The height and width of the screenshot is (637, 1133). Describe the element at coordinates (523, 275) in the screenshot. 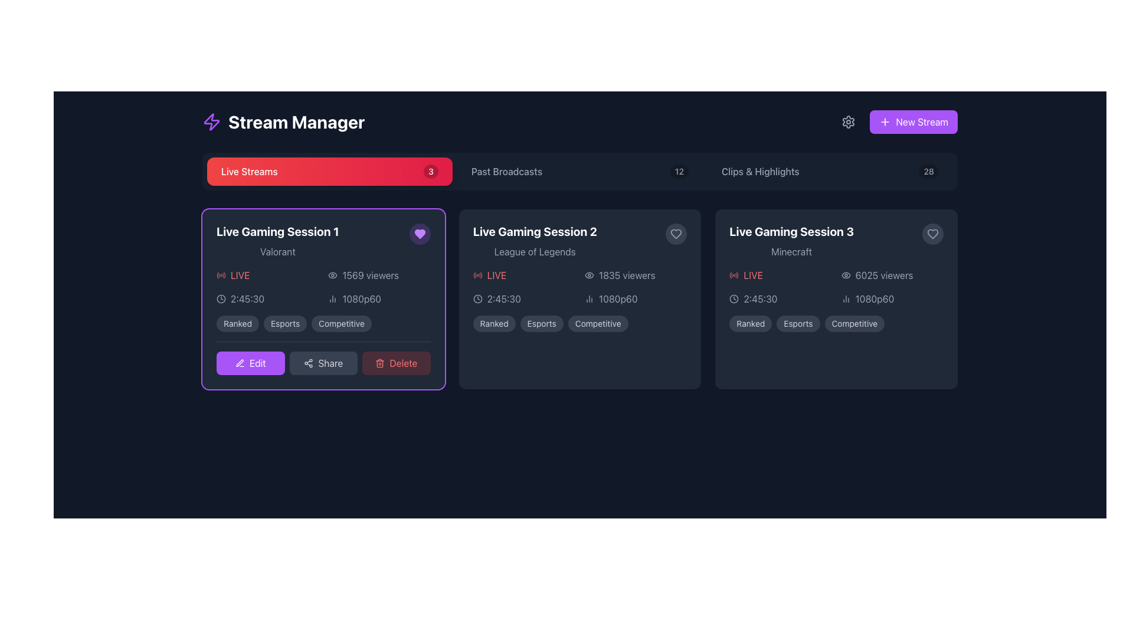

I see `the 'LIVE' text label in bold, uppercase red font, located in the top-left corner of the 'Live Gaming Session 2' card` at that location.